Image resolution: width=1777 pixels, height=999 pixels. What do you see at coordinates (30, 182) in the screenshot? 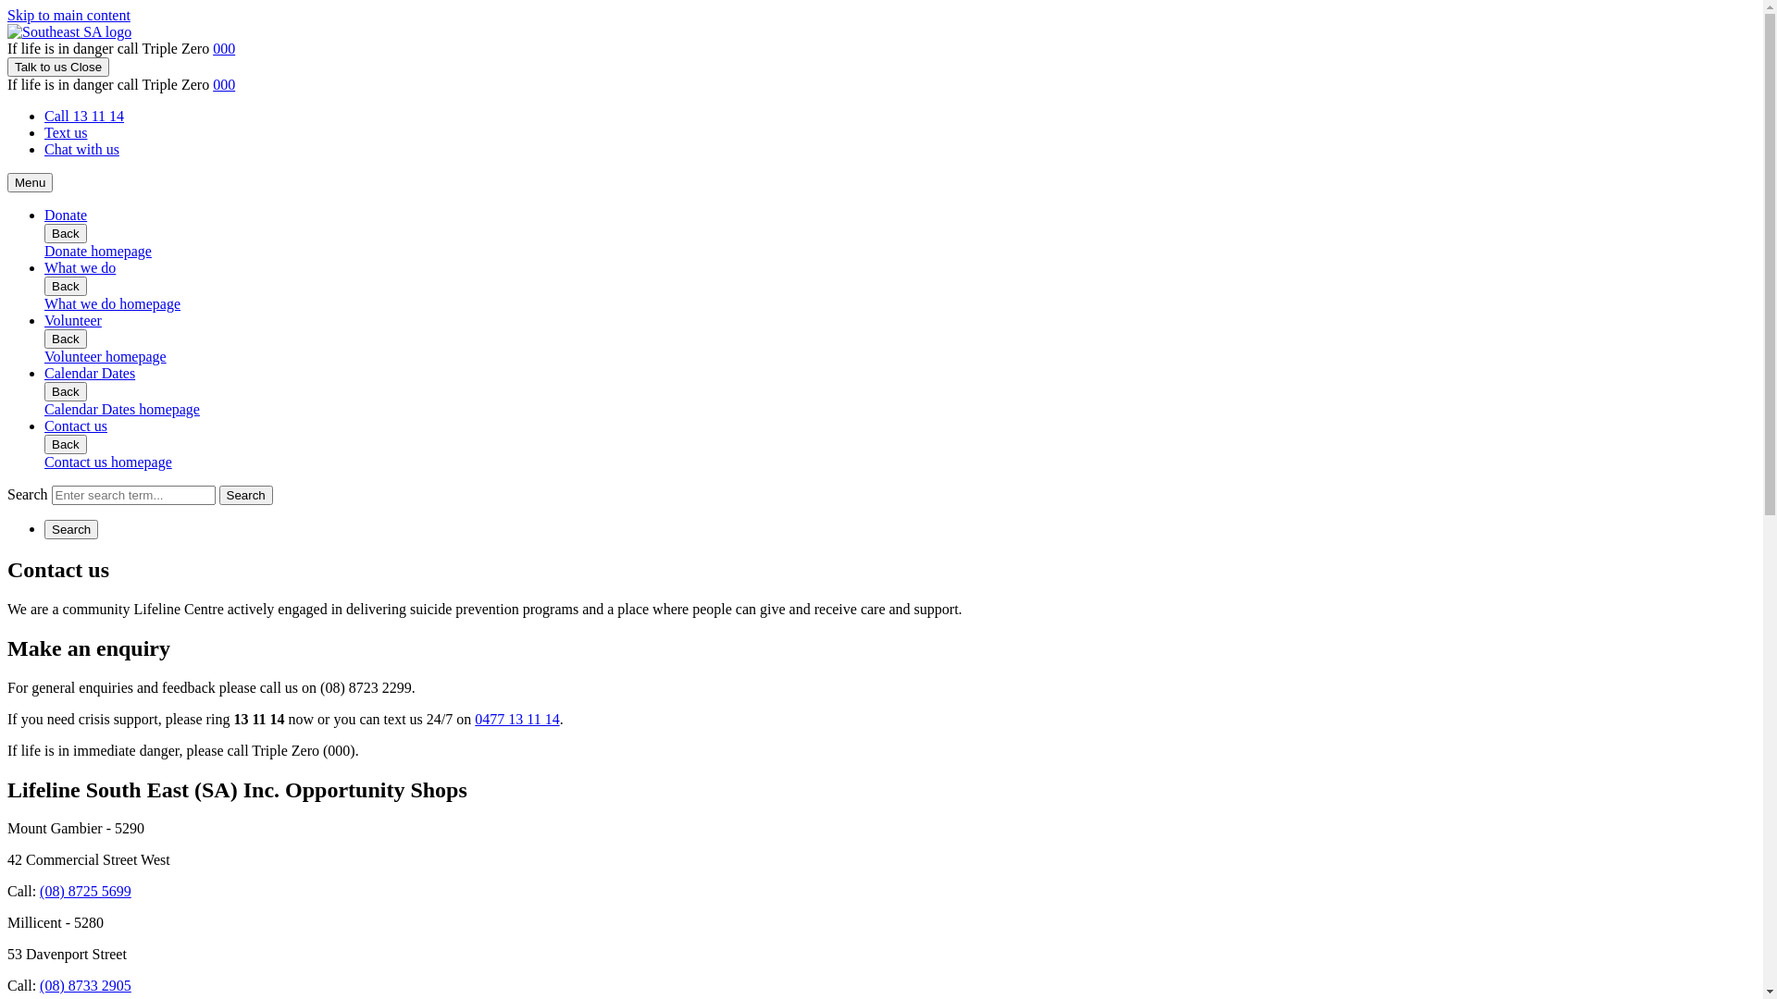
I see `'Menu'` at bounding box center [30, 182].